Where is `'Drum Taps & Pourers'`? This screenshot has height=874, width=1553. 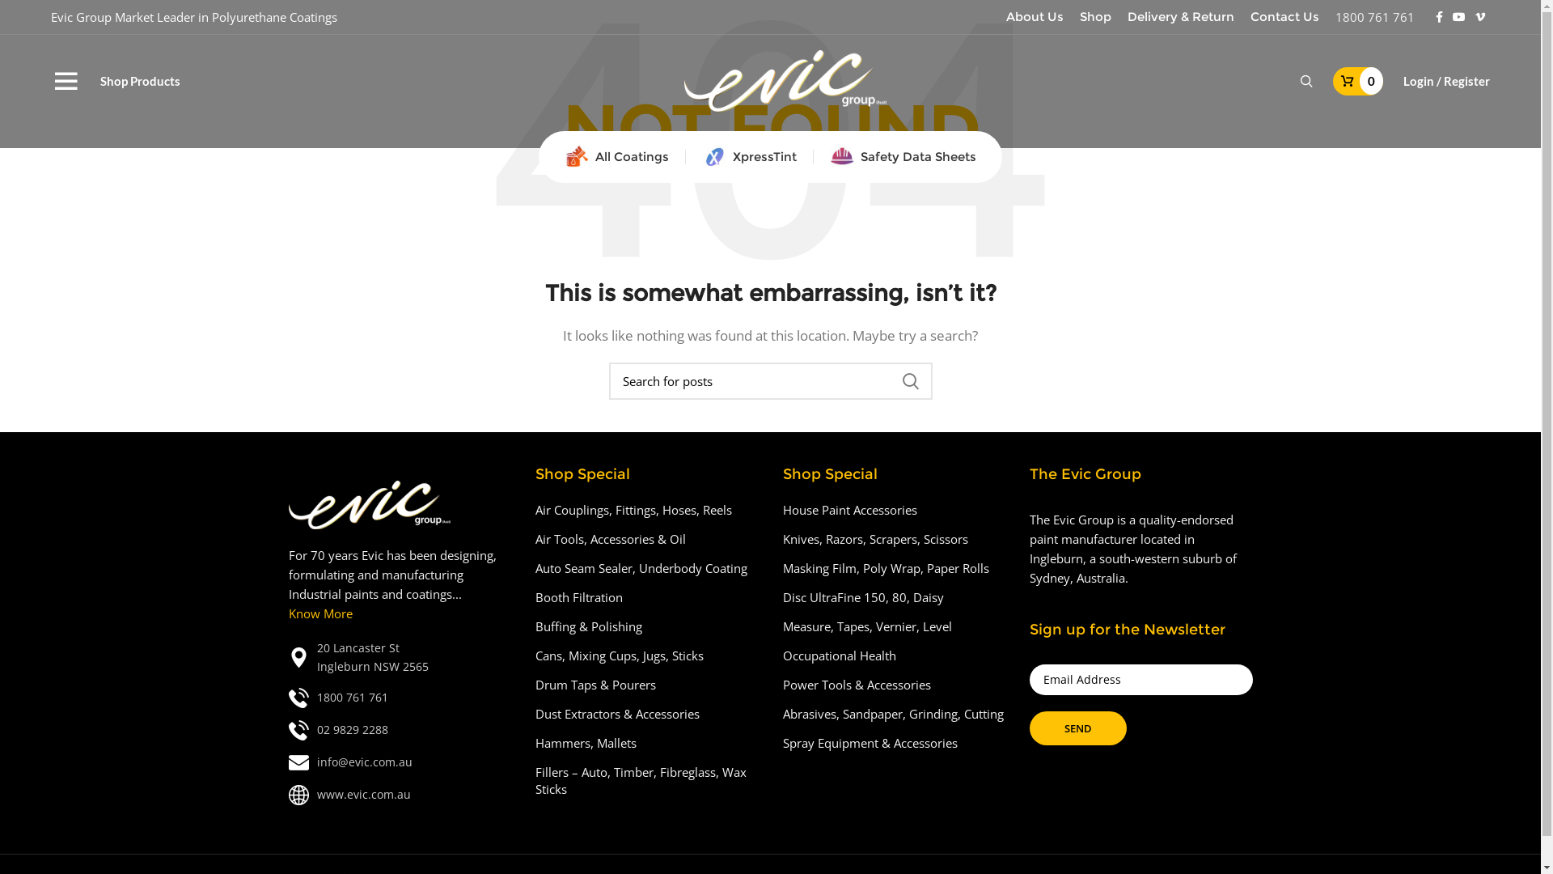 'Drum Taps & Pourers' is located at coordinates (535, 685).